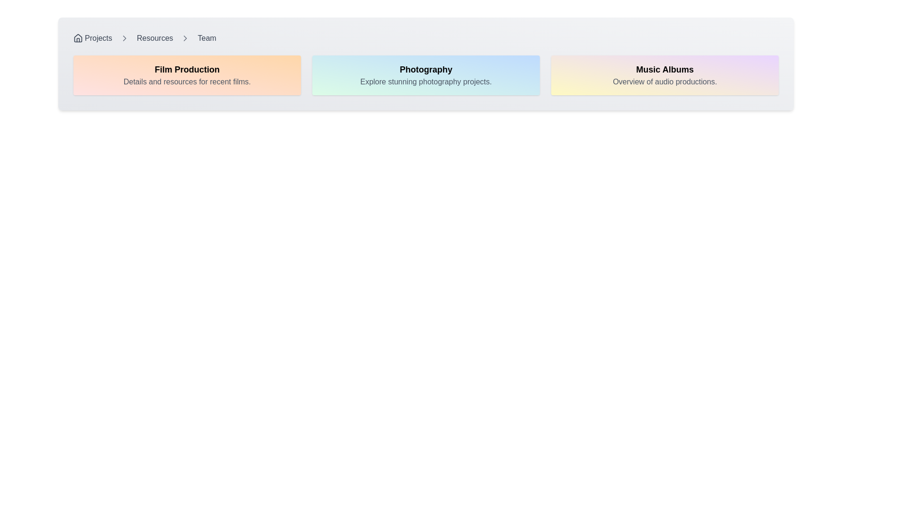 This screenshot has height=512, width=910. Describe the element at coordinates (664, 82) in the screenshot. I see `text content of the audio productions overview text label, located below the 'Music Albums' text in the far right panel` at that location.